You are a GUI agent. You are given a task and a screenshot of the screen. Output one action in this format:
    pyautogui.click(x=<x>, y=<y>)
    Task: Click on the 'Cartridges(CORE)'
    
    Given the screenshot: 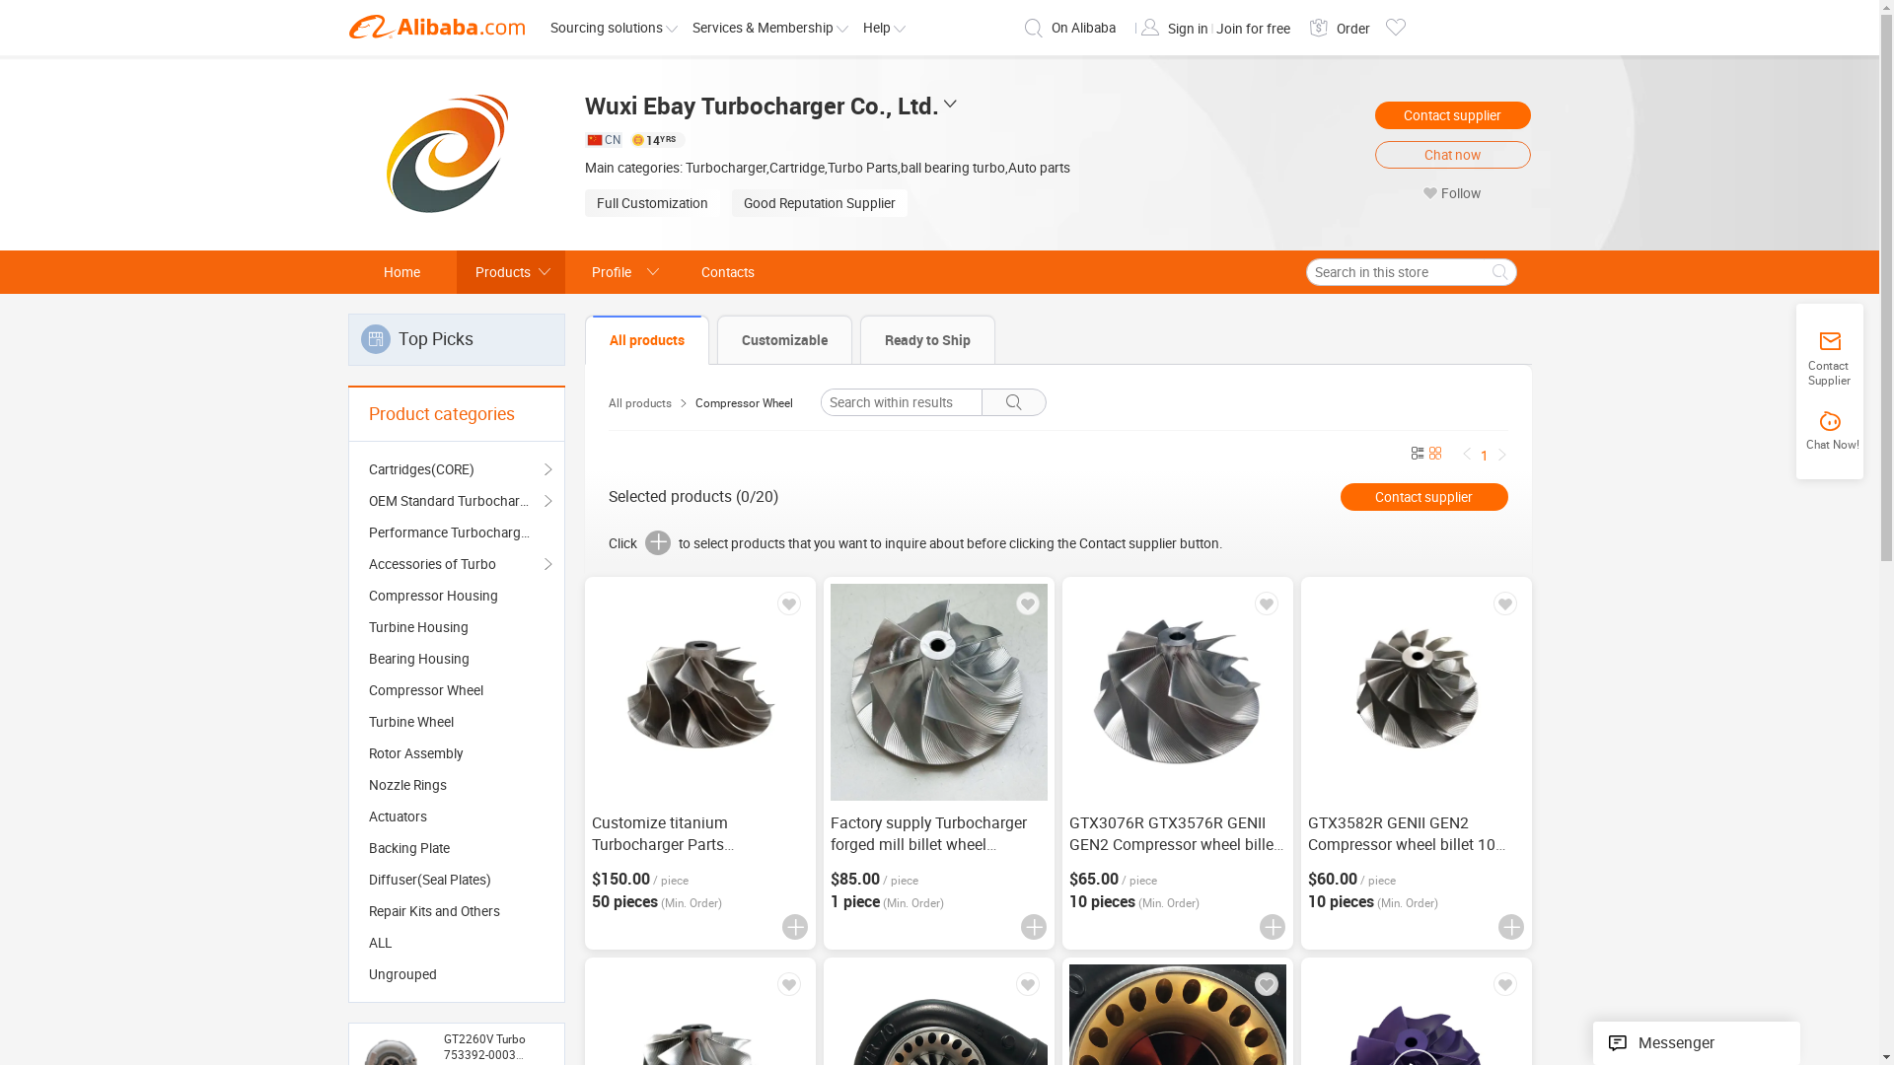 What is the action you would take?
    pyautogui.click(x=455, y=468)
    